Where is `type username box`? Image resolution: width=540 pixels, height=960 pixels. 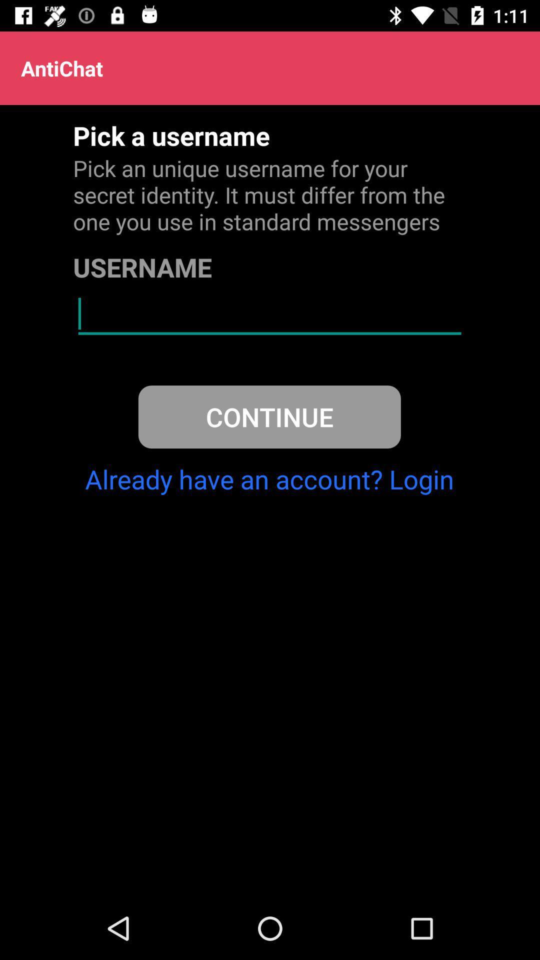
type username box is located at coordinates (269, 313).